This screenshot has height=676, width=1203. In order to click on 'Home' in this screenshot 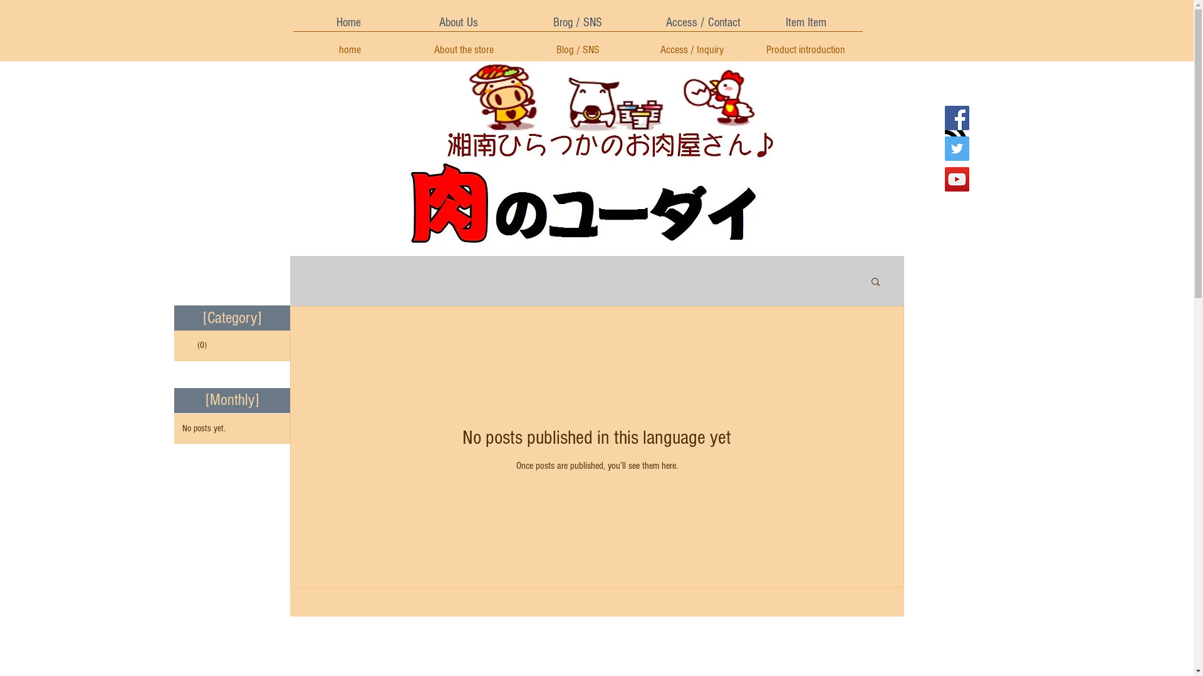, I will do `click(315, 22)`.